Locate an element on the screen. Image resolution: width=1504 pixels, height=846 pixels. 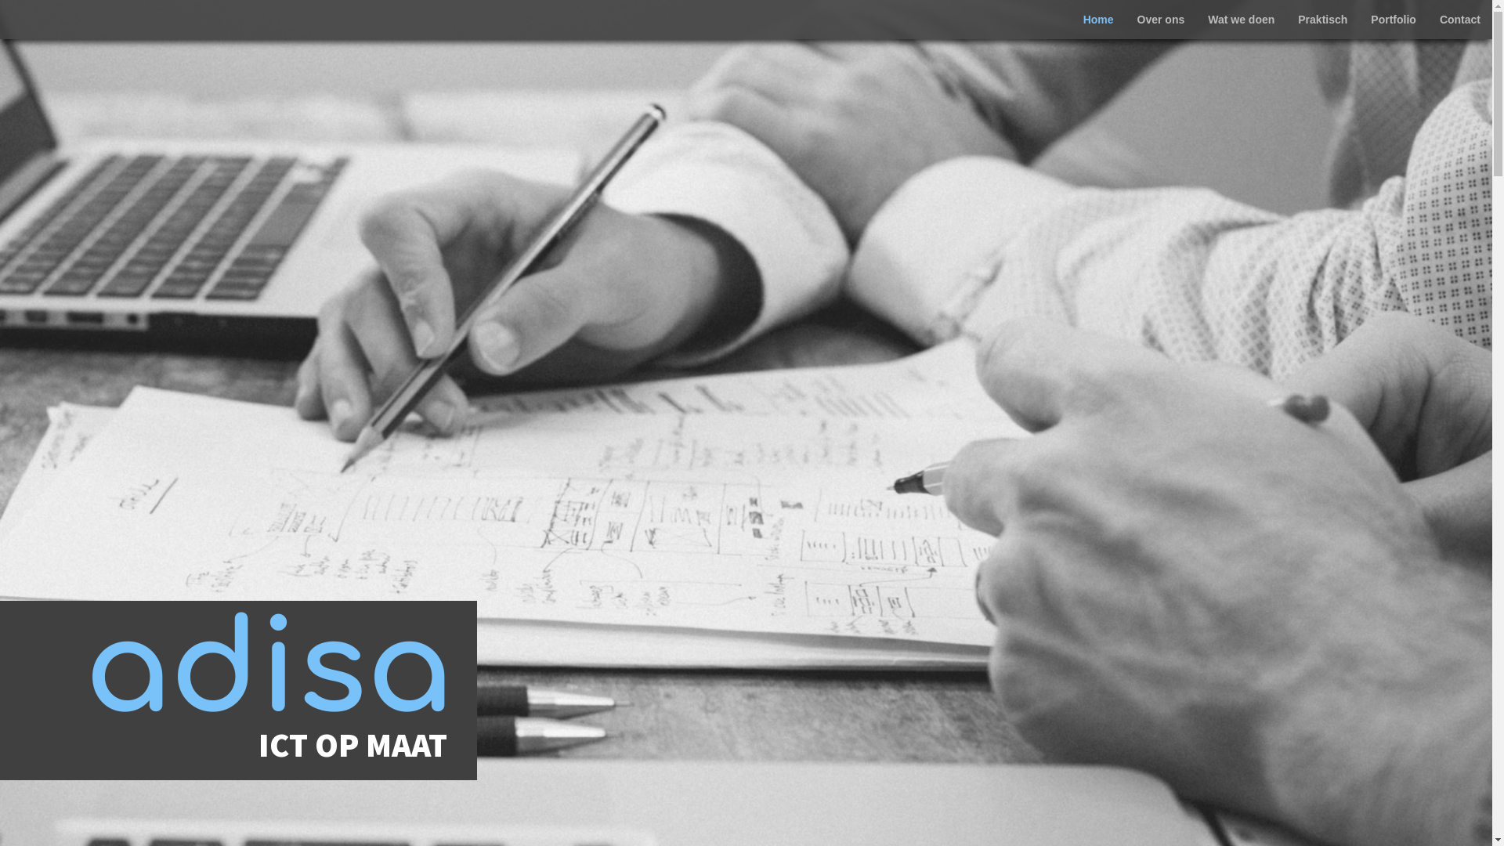
'Portfolio' is located at coordinates (1358, 19).